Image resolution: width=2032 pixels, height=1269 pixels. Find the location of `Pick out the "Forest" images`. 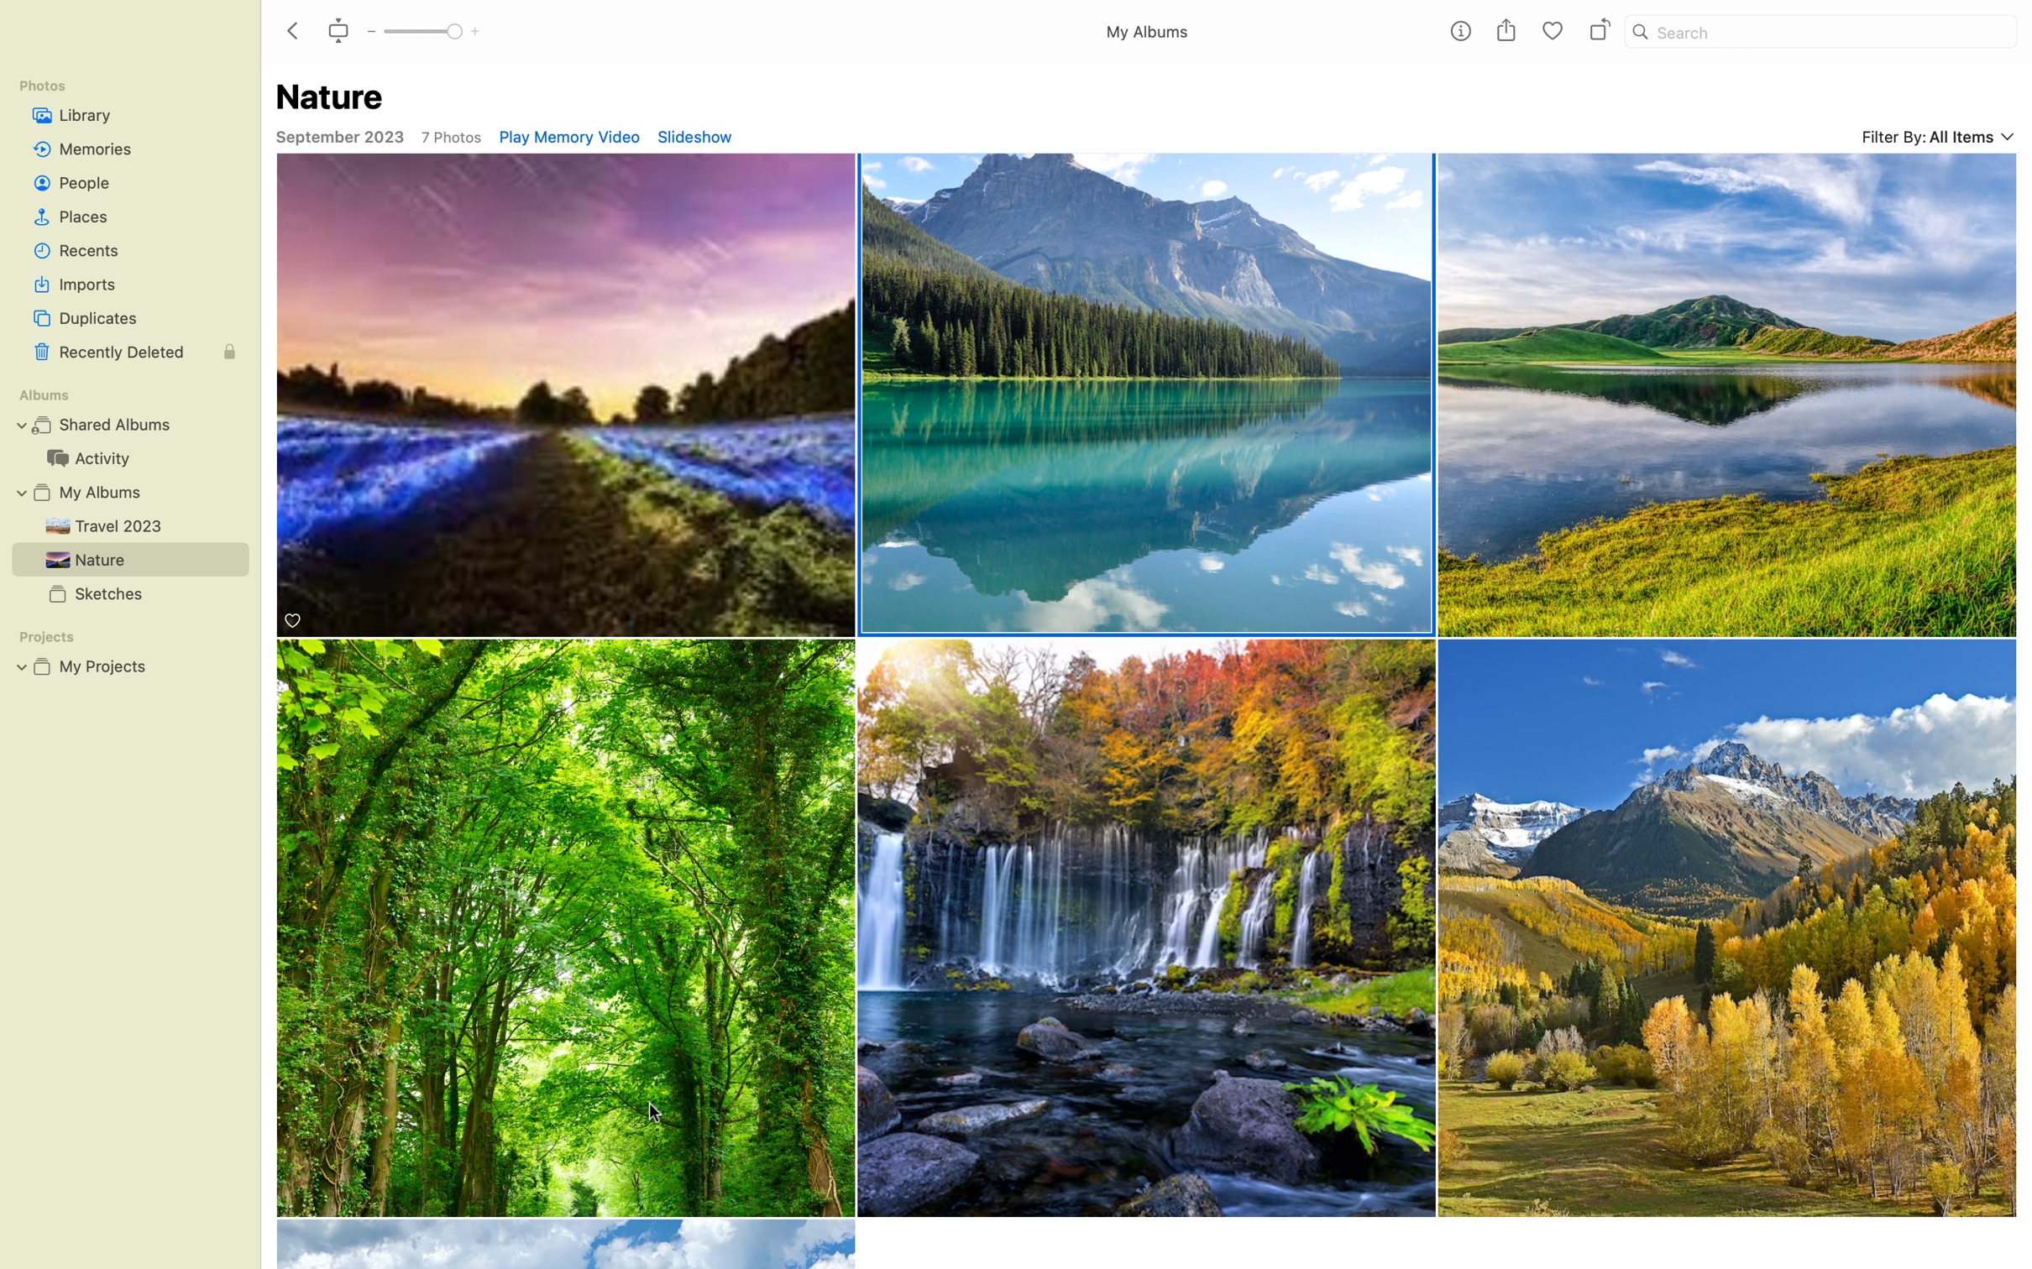

Pick out the "Forest" images is located at coordinates (566, 927).